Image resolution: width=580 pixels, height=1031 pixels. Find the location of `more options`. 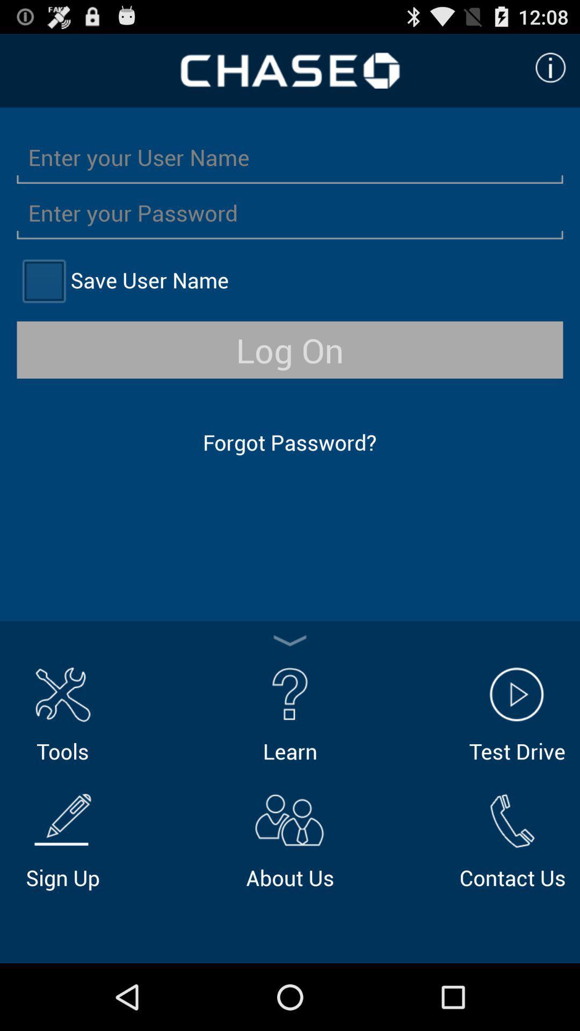

more options is located at coordinates (290, 641).